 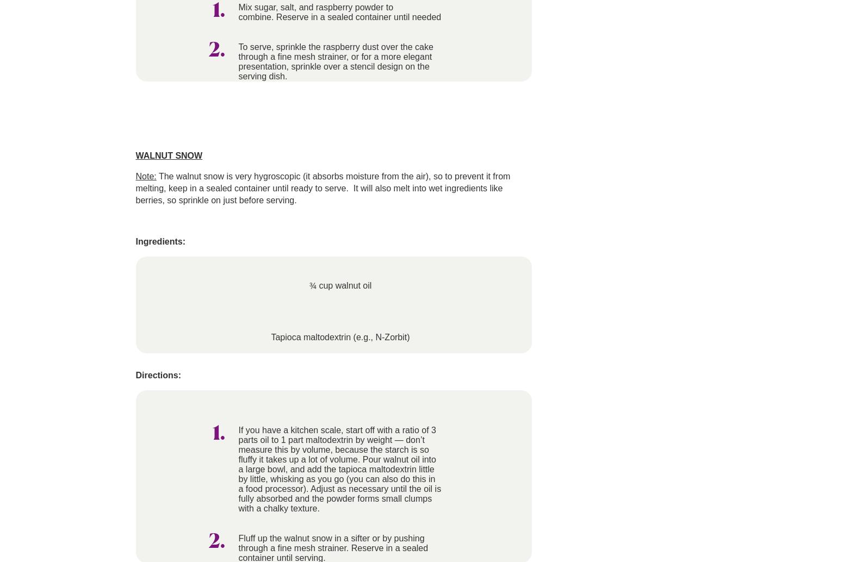 What do you see at coordinates (169, 155) in the screenshot?
I see `'WALNUT SNOW'` at bounding box center [169, 155].